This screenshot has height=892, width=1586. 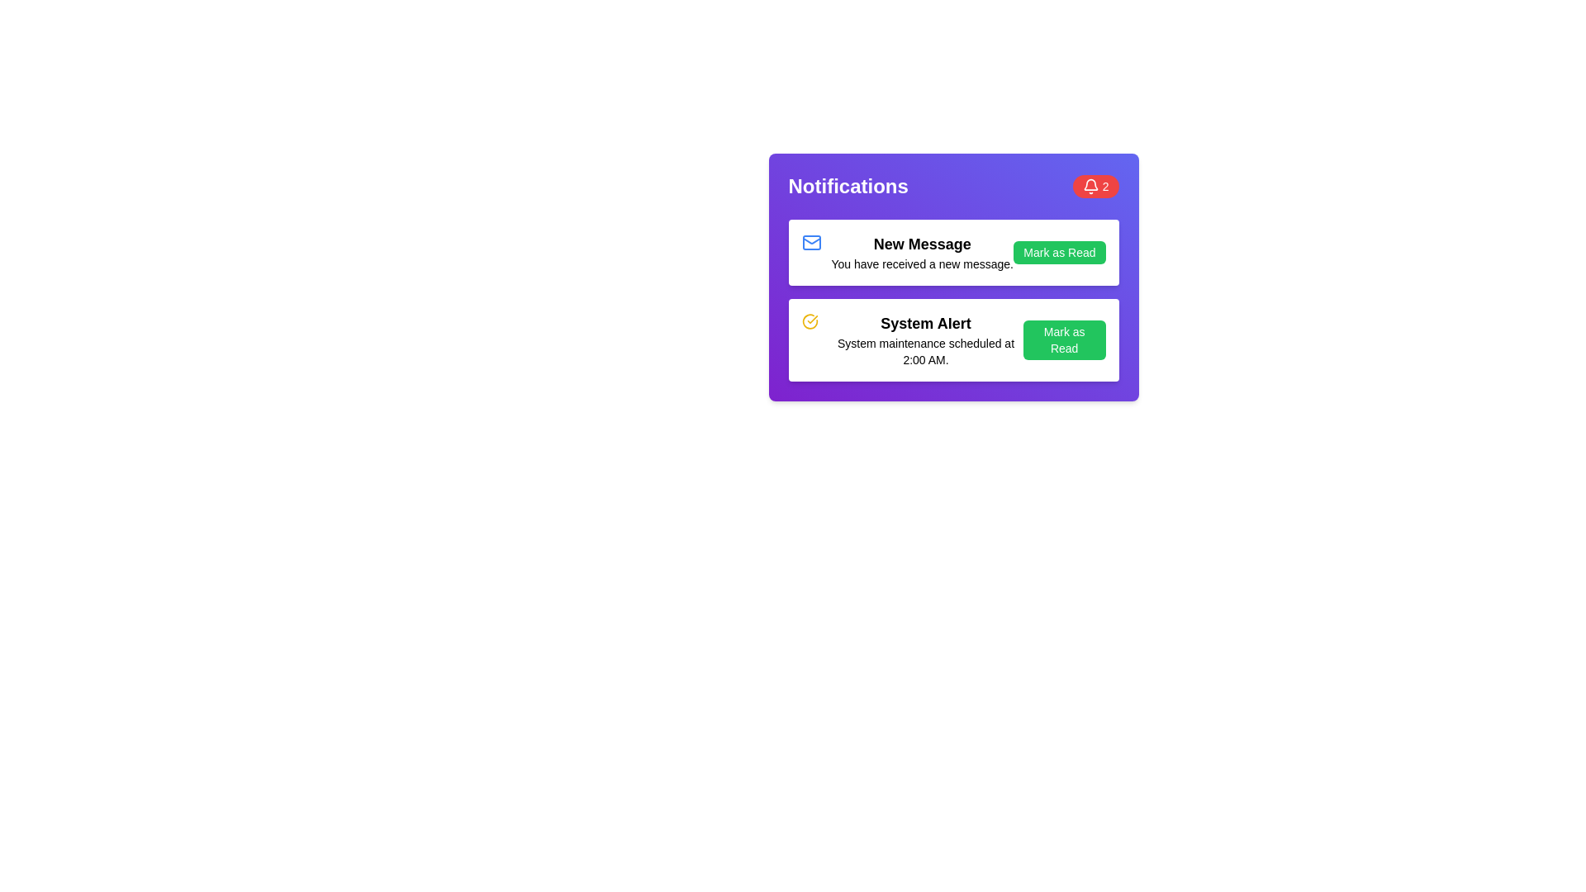 I want to click on title text of the notification item, which is positioned directly above the supporting message 'You have received a new message.', so click(x=921, y=244).